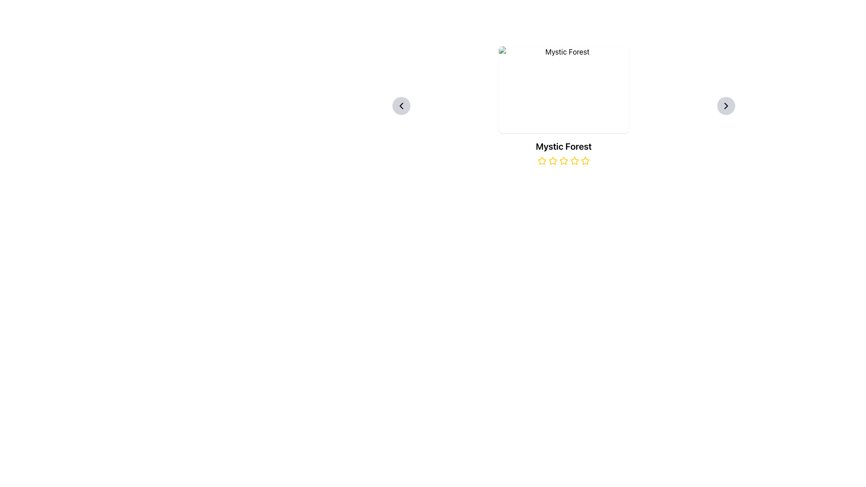 This screenshot has height=487, width=866. Describe the element at coordinates (574, 161) in the screenshot. I see `the fourth star icon in the star-based rating system under the 'Mystic Forest' label` at that location.